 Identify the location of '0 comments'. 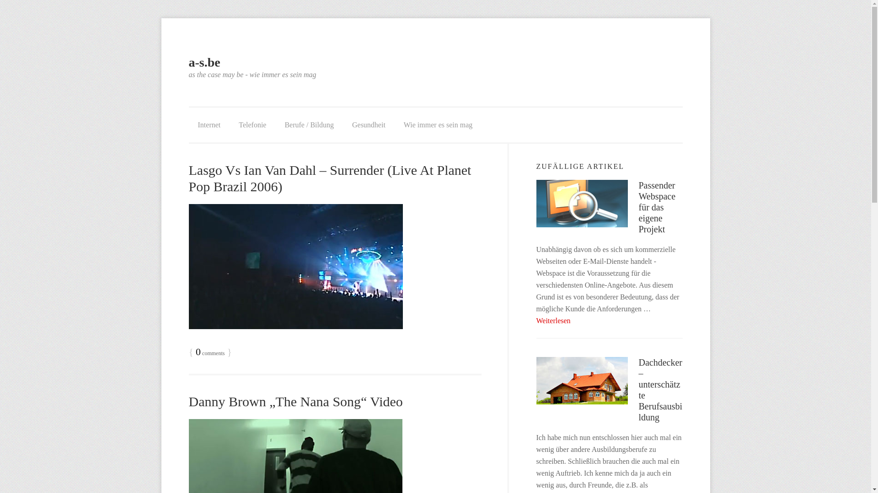
(209, 353).